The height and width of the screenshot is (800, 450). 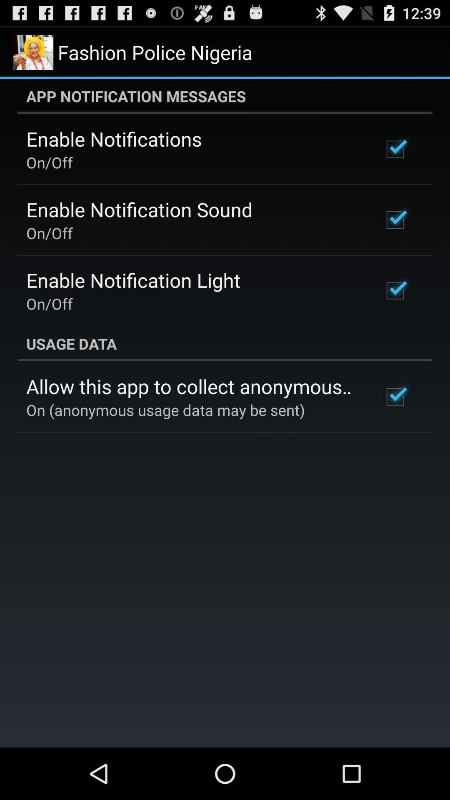 What do you see at coordinates (114, 139) in the screenshot?
I see `the icon above on/off app` at bounding box center [114, 139].